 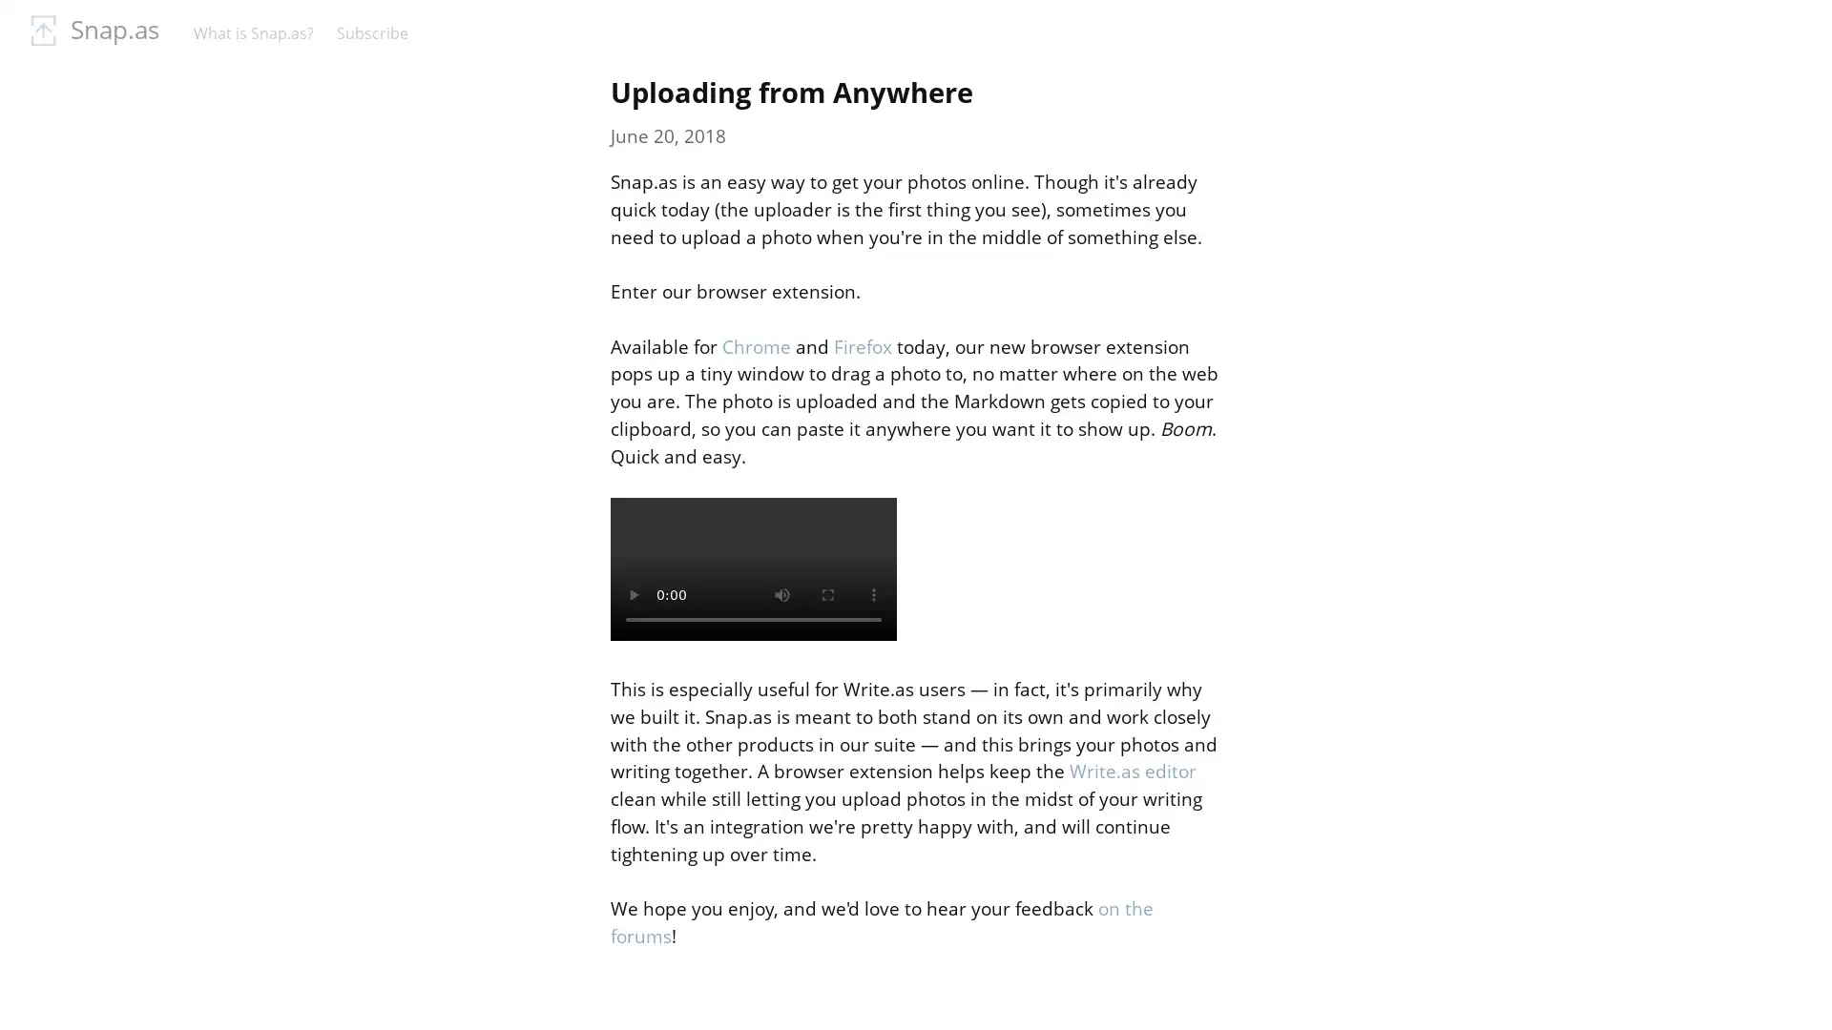 What do you see at coordinates (782, 594) in the screenshot?
I see `mute` at bounding box center [782, 594].